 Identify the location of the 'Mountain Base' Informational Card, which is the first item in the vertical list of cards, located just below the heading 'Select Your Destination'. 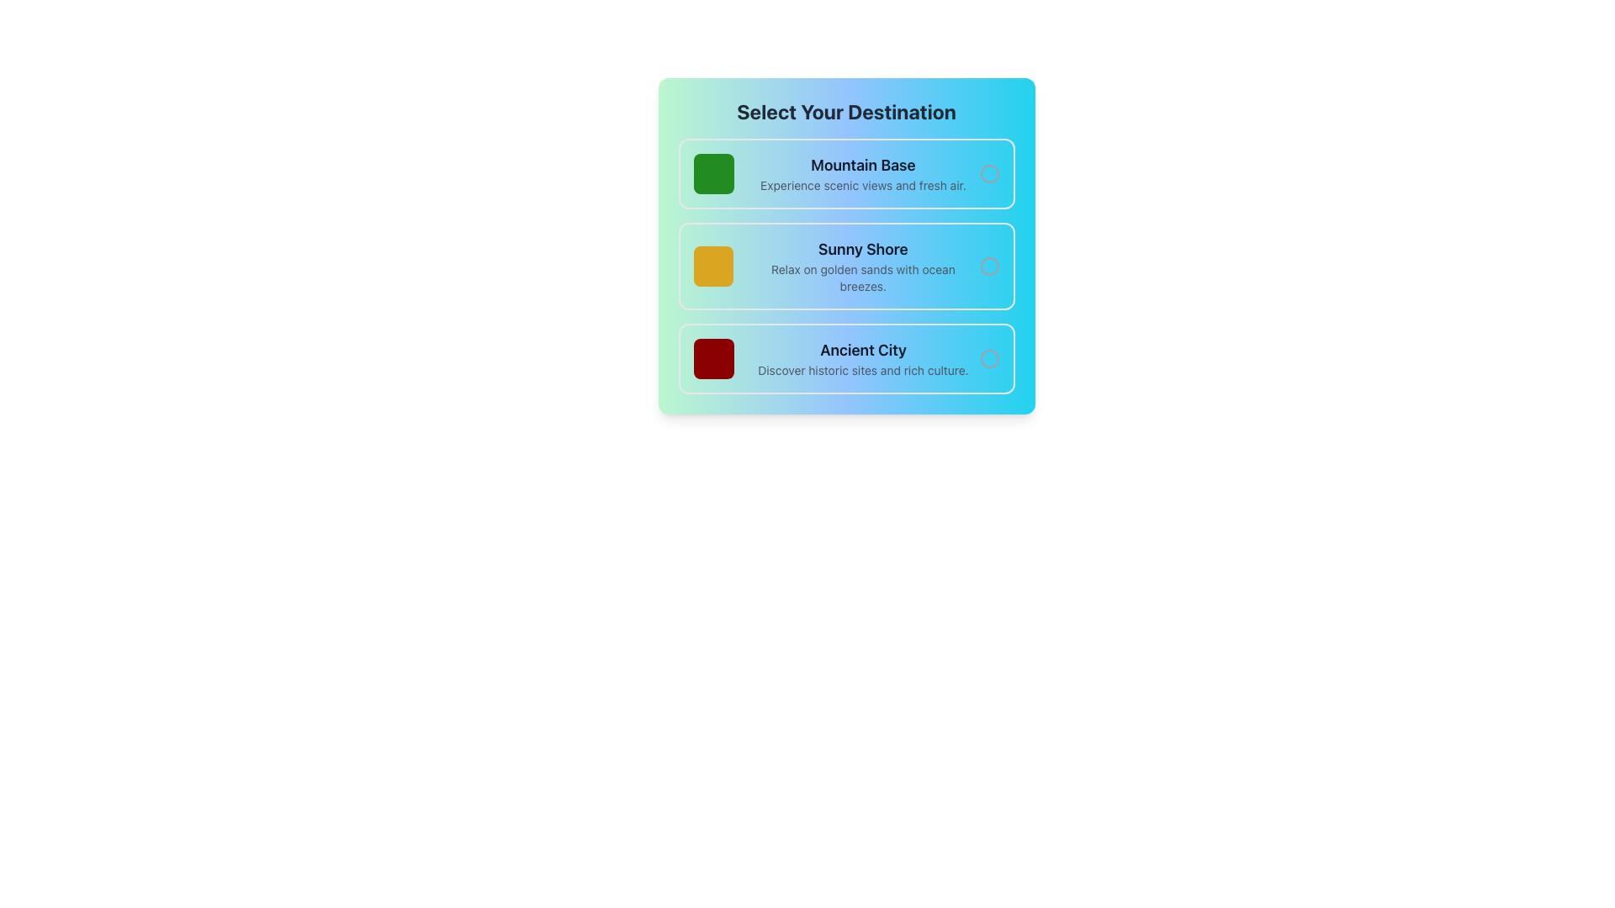
(846, 174).